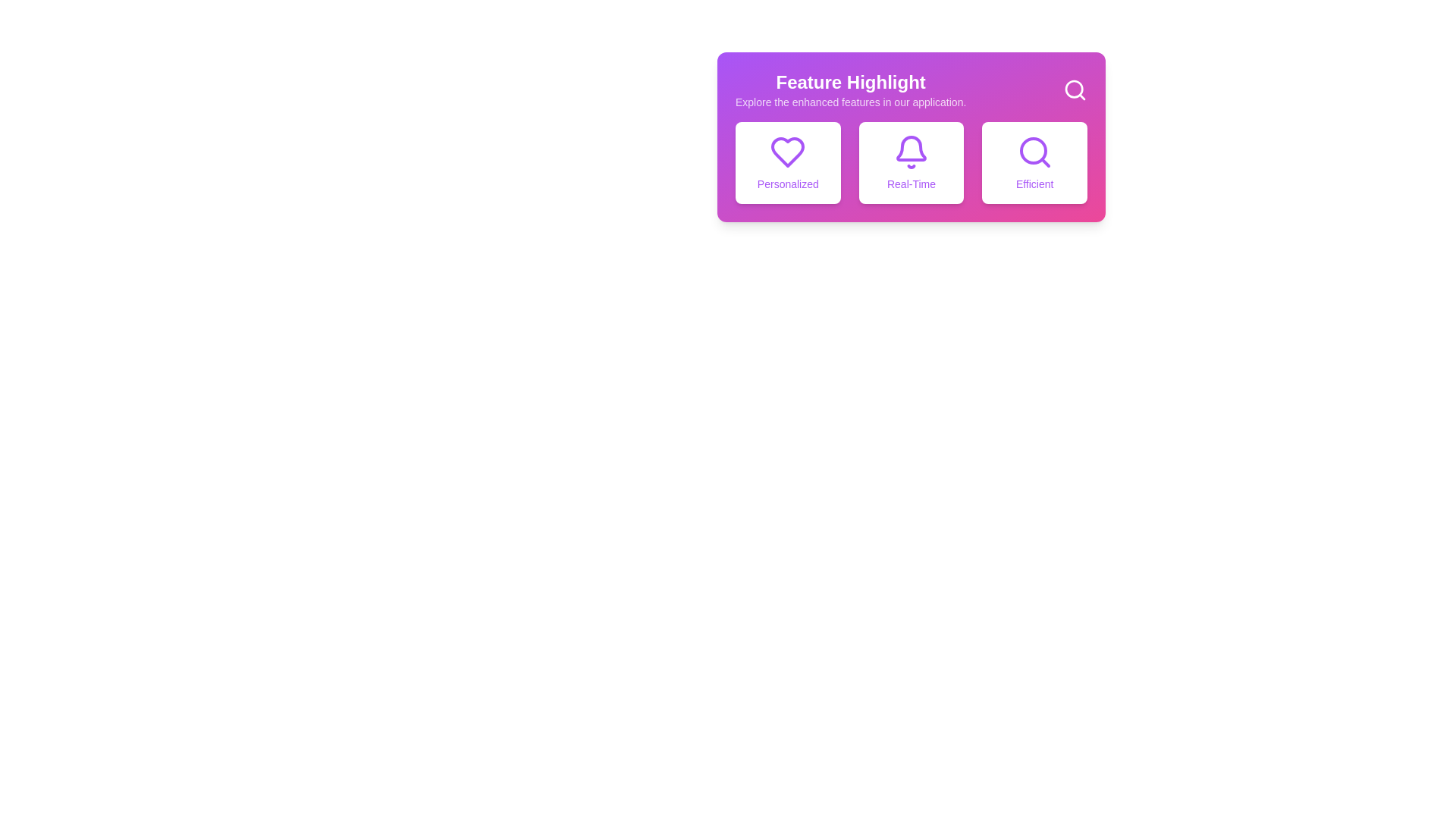 The width and height of the screenshot is (1456, 819). What do you see at coordinates (910, 149) in the screenshot?
I see `the notification bell icon, which is a bell-shaped icon with thin strokes, located centrally within the second square option below the 'Feature Highlight' section in the 'Real-Time' feature area` at bounding box center [910, 149].